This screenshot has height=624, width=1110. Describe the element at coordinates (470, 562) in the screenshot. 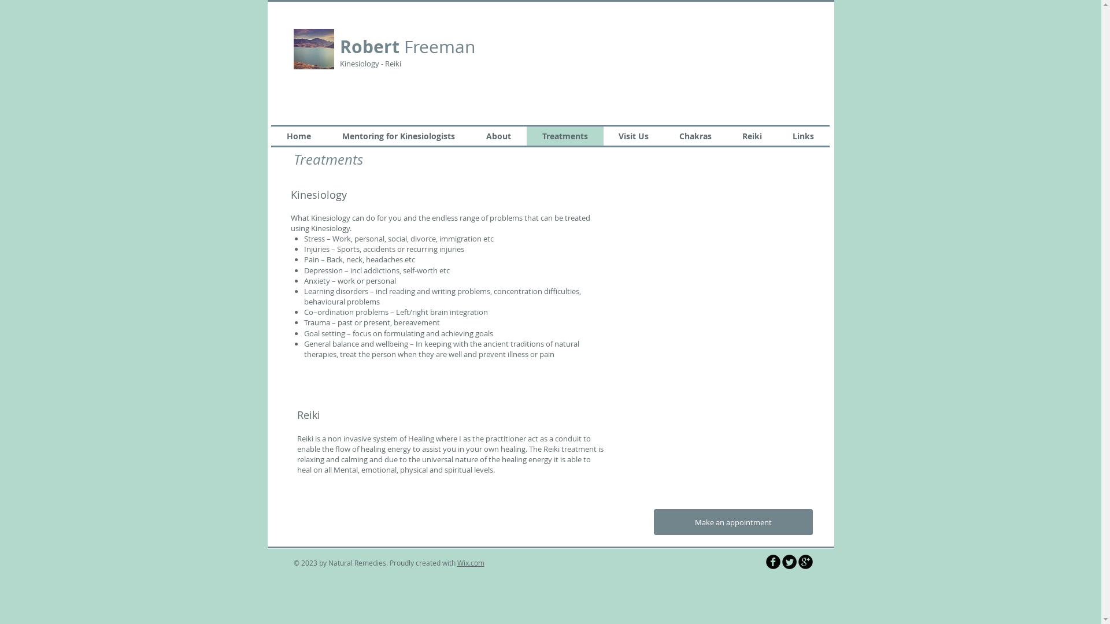

I see `'Wix.com'` at that location.